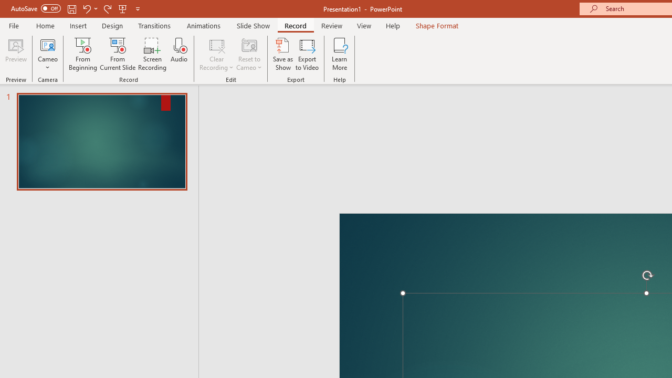  Describe the element at coordinates (36, 8) in the screenshot. I see `'AutoSave'` at that location.